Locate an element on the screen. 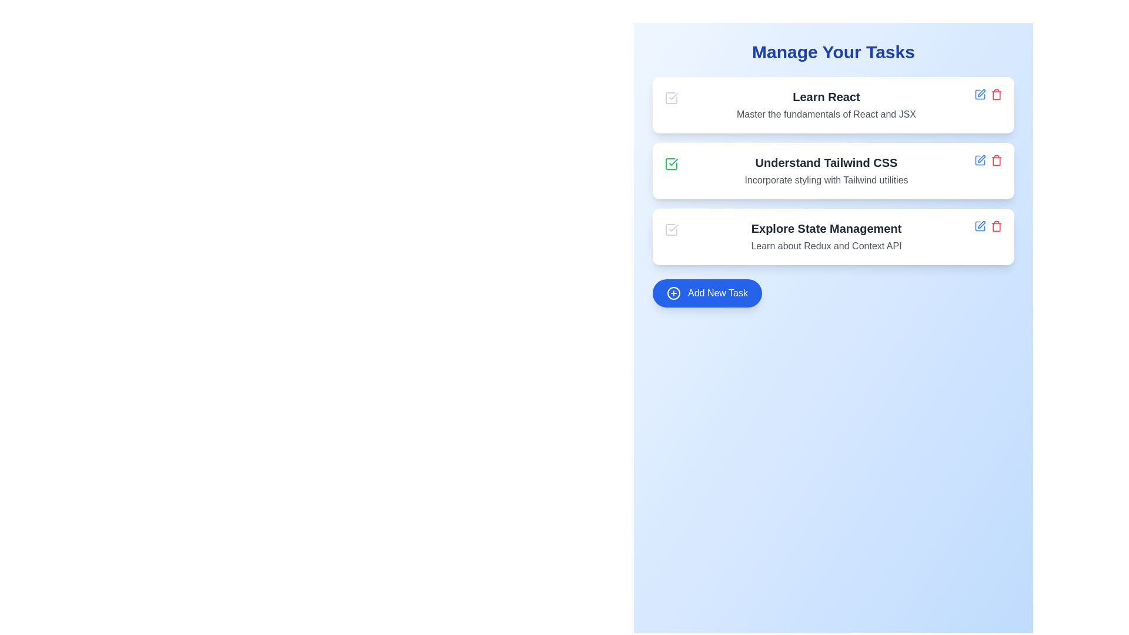 This screenshot has width=1129, height=635. the text display element titled 'Explore State Management' which includes the subtitle 'Learn about Redux and Context API' is located at coordinates (826, 236).